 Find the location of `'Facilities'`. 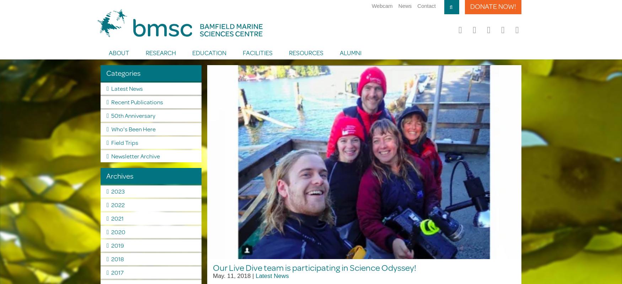

'Facilities' is located at coordinates (242, 52).